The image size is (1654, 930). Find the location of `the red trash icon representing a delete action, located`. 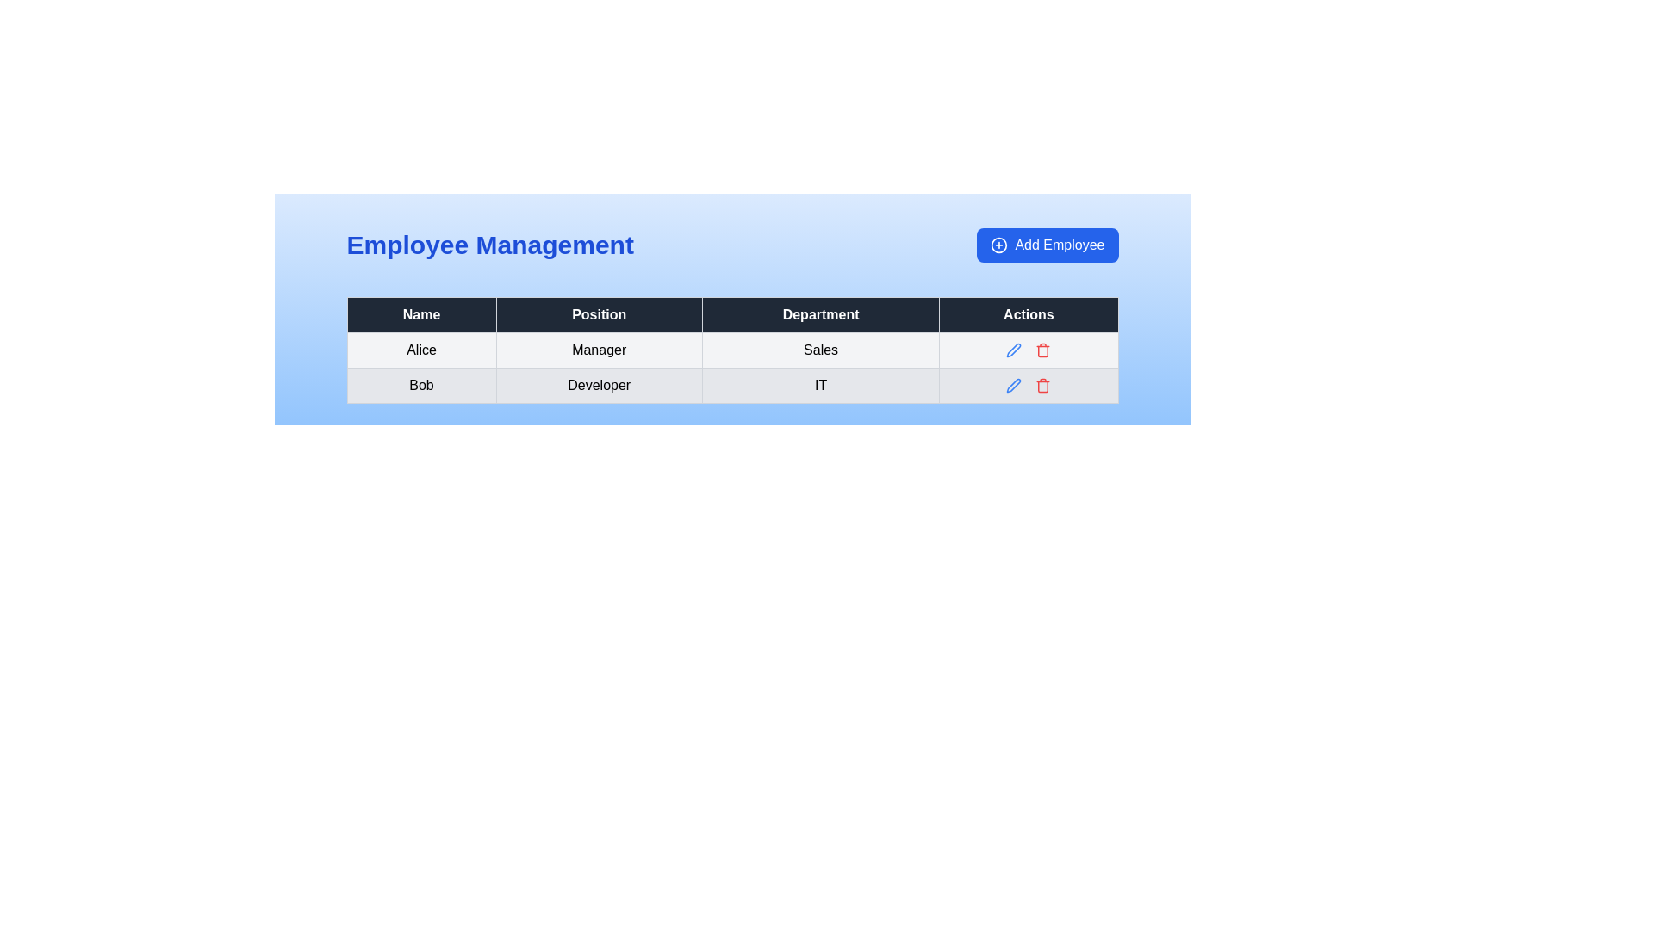

the red trash icon representing a delete action, located is located at coordinates (1042, 384).